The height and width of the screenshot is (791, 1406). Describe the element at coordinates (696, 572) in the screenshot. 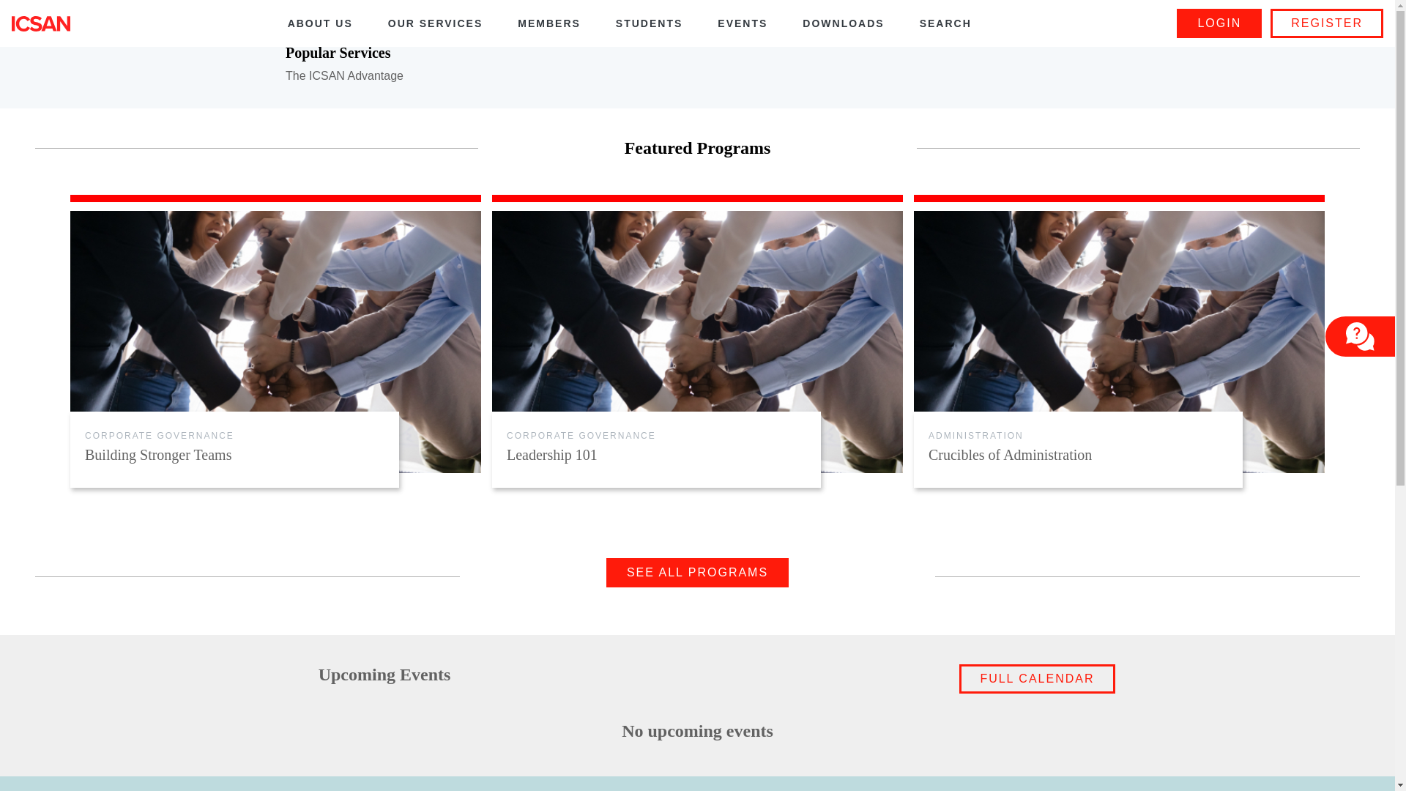

I see `'SEE ALL PROGRAMS'` at that location.